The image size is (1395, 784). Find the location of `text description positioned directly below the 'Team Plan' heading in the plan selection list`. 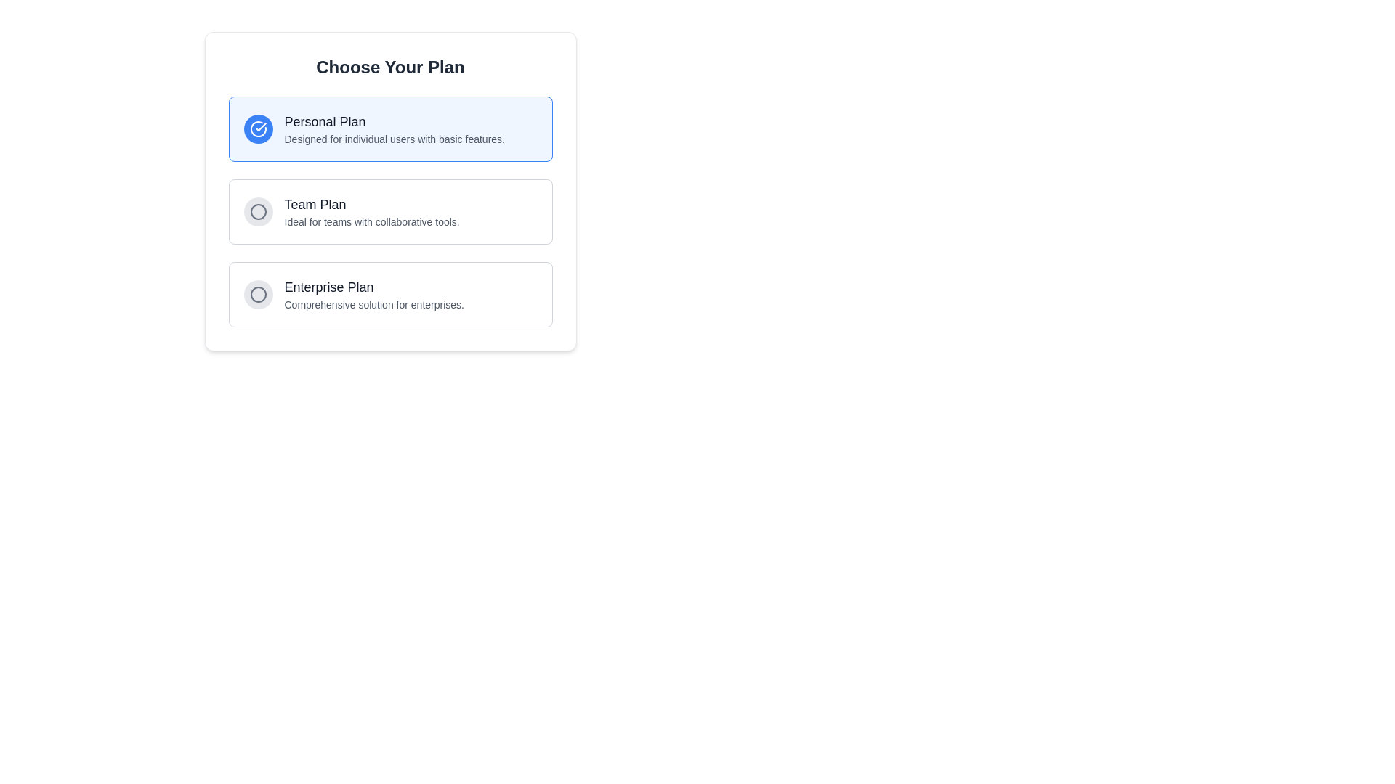

text description positioned directly below the 'Team Plan' heading in the plan selection list is located at coordinates (372, 221).